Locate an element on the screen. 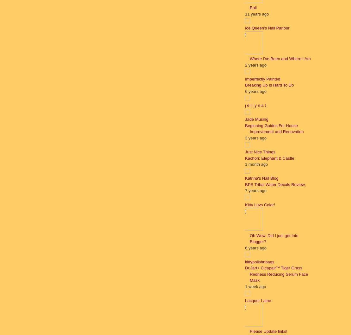  '3 years ago' is located at coordinates (256, 137).